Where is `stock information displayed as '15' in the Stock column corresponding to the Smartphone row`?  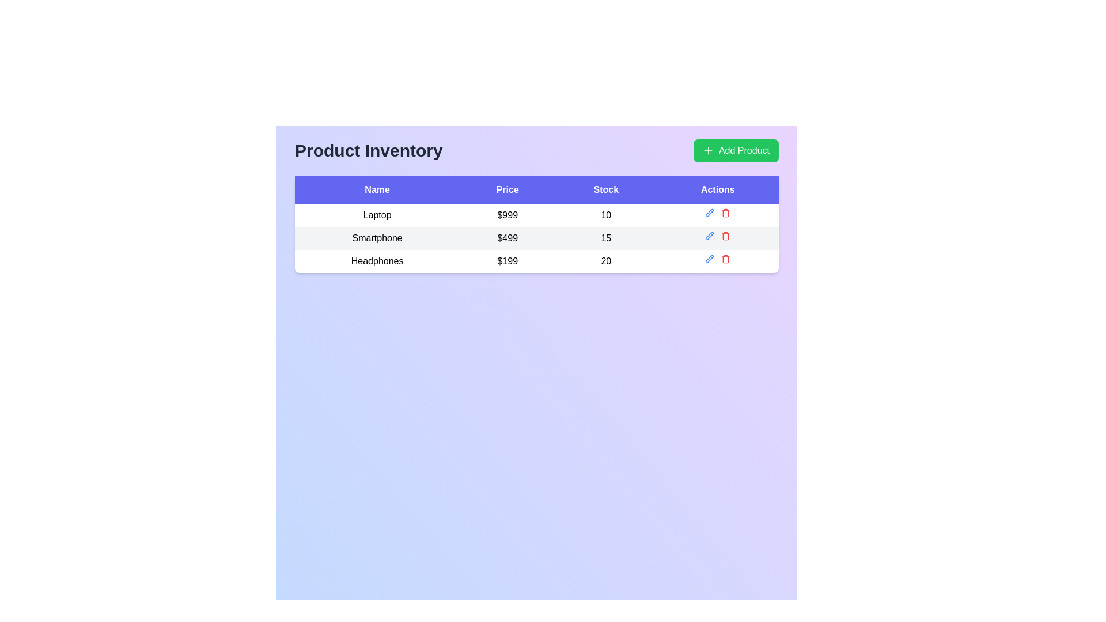 stock information displayed as '15' in the Stock column corresponding to the Smartphone row is located at coordinates (605, 237).